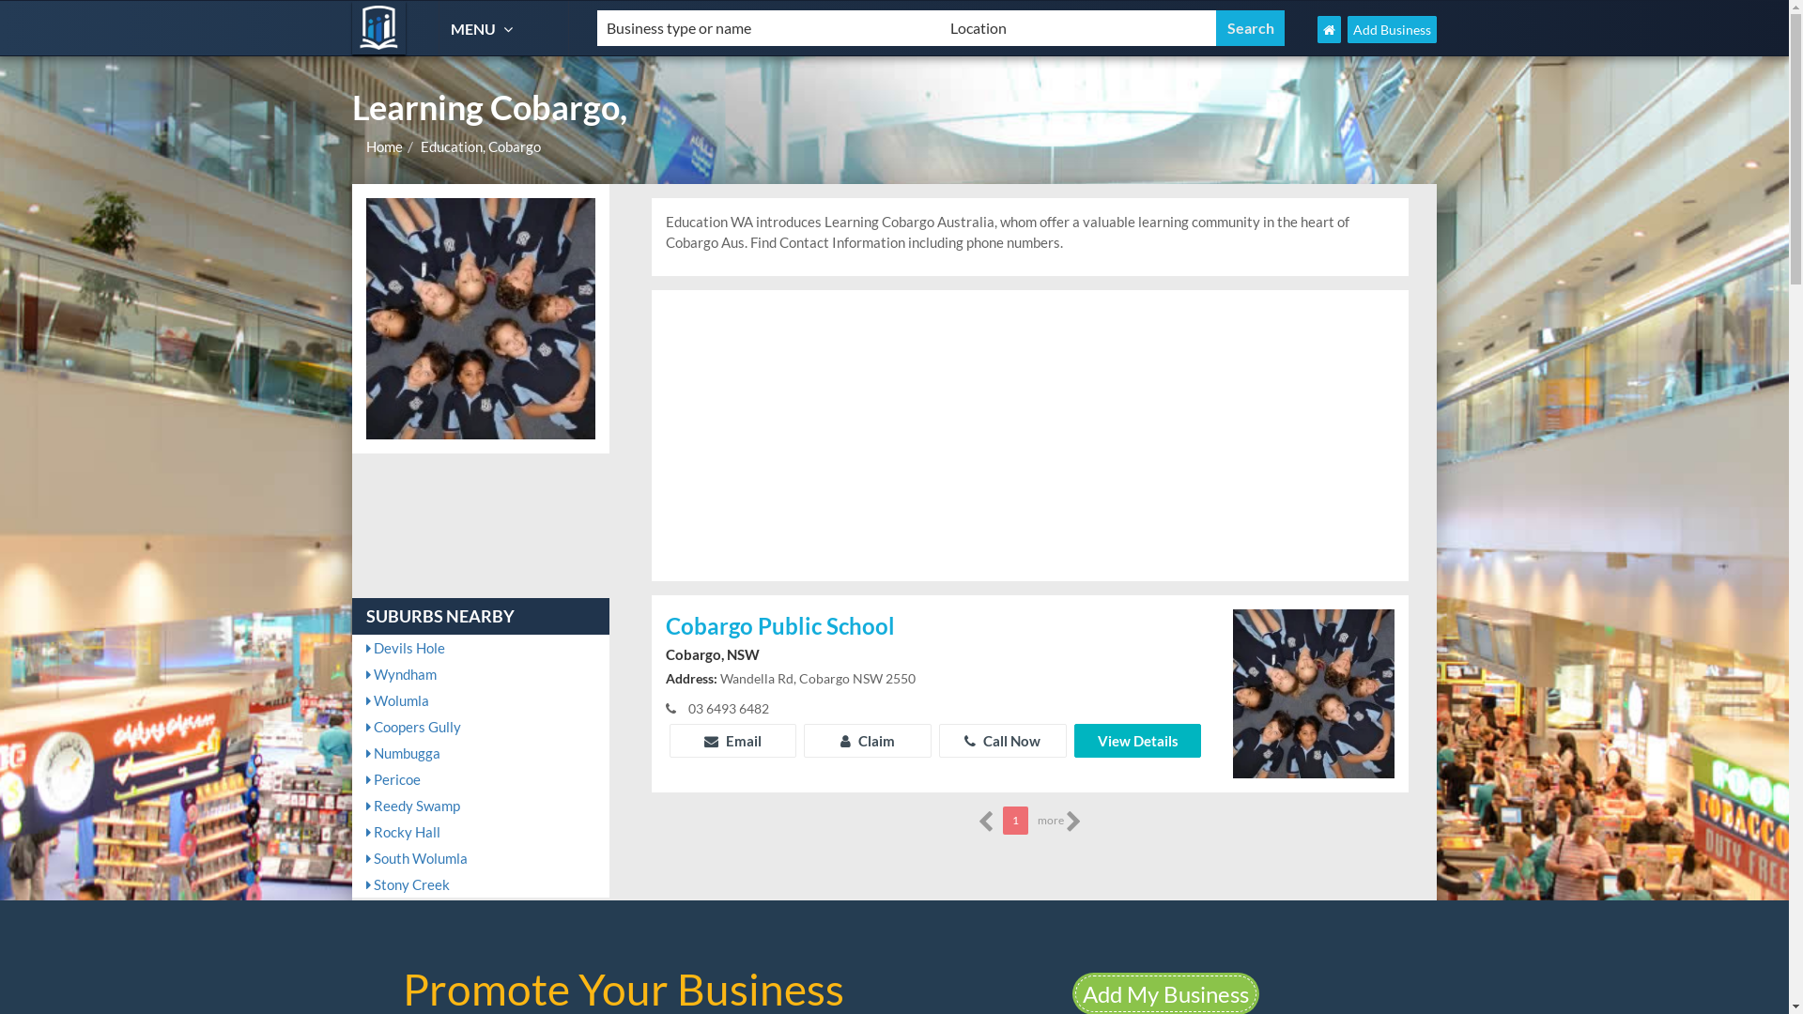 The height and width of the screenshot is (1014, 1803). Describe the element at coordinates (1014, 820) in the screenshot. I see `'1'` at that location.